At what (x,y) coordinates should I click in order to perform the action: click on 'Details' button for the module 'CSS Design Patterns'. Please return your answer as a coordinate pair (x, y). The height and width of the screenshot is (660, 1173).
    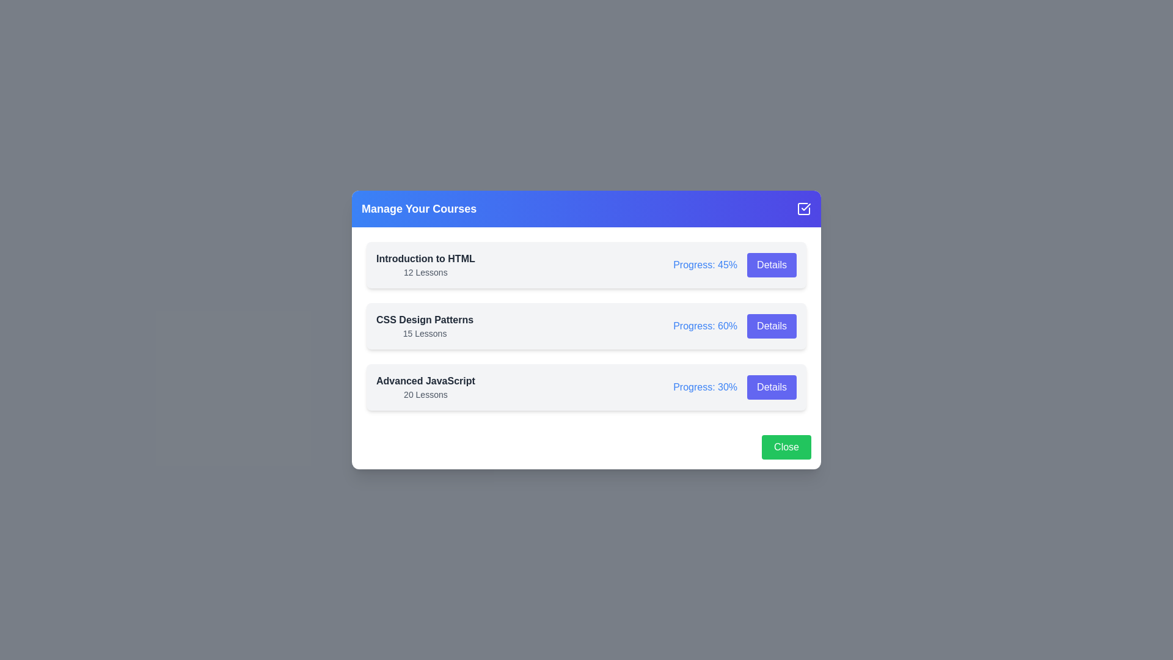
    Looking at the image, I should click on (771, 325).